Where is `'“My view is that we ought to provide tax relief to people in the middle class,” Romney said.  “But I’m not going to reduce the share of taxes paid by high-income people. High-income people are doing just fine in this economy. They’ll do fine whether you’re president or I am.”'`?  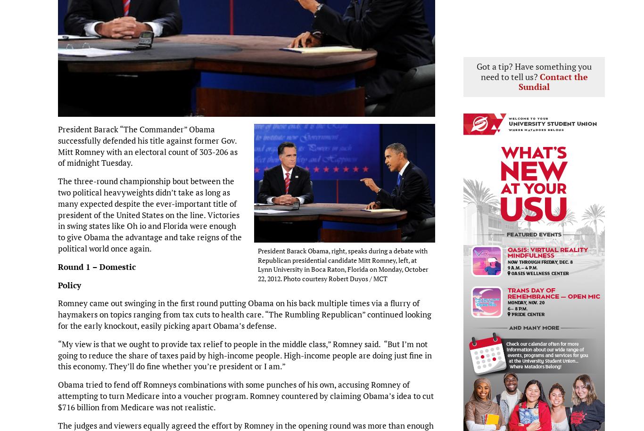
'“My view is that we ought to provide tax relief to people in the middle class,” Romney said.  “But I’m not going to reduce the share of taxes paid by high-income people. High-income people are doing just fine in this economy. They’ll do fine whether you’re president or I am.”' is located at coordinates (57, 355).